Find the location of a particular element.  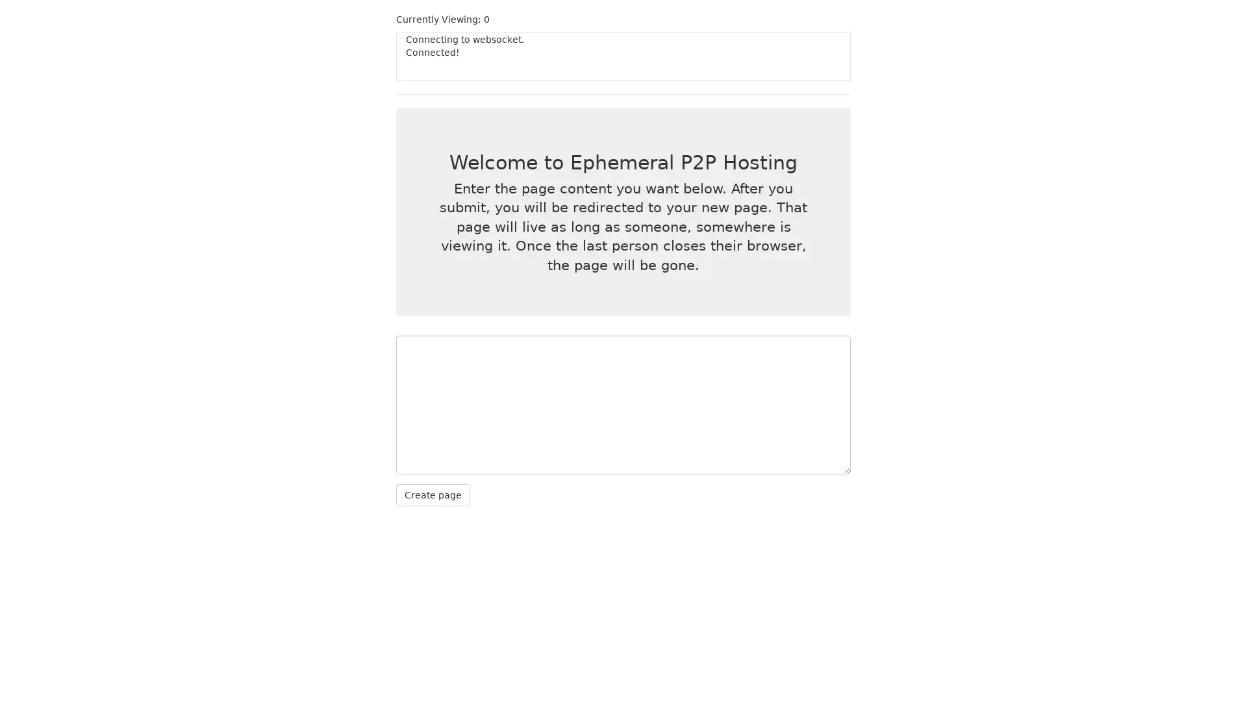

Create page is located at coordinates (433, 495).